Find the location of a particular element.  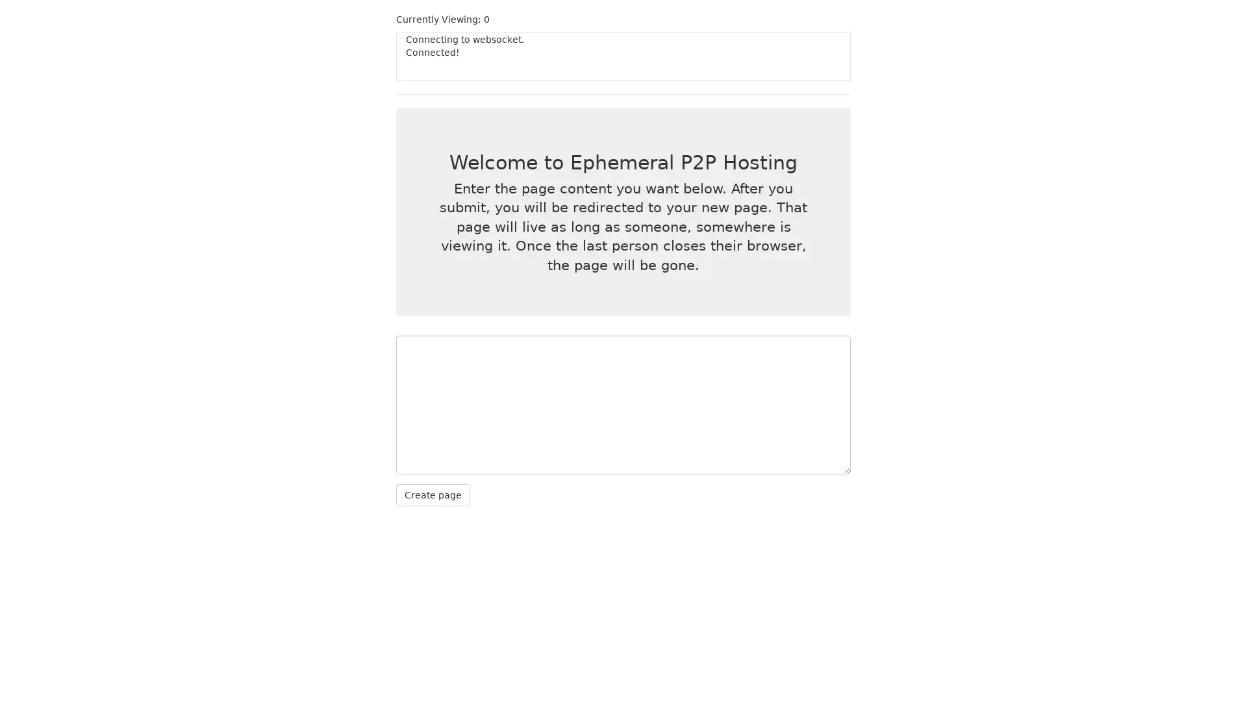

Create page is located at coordinates (433, 495).